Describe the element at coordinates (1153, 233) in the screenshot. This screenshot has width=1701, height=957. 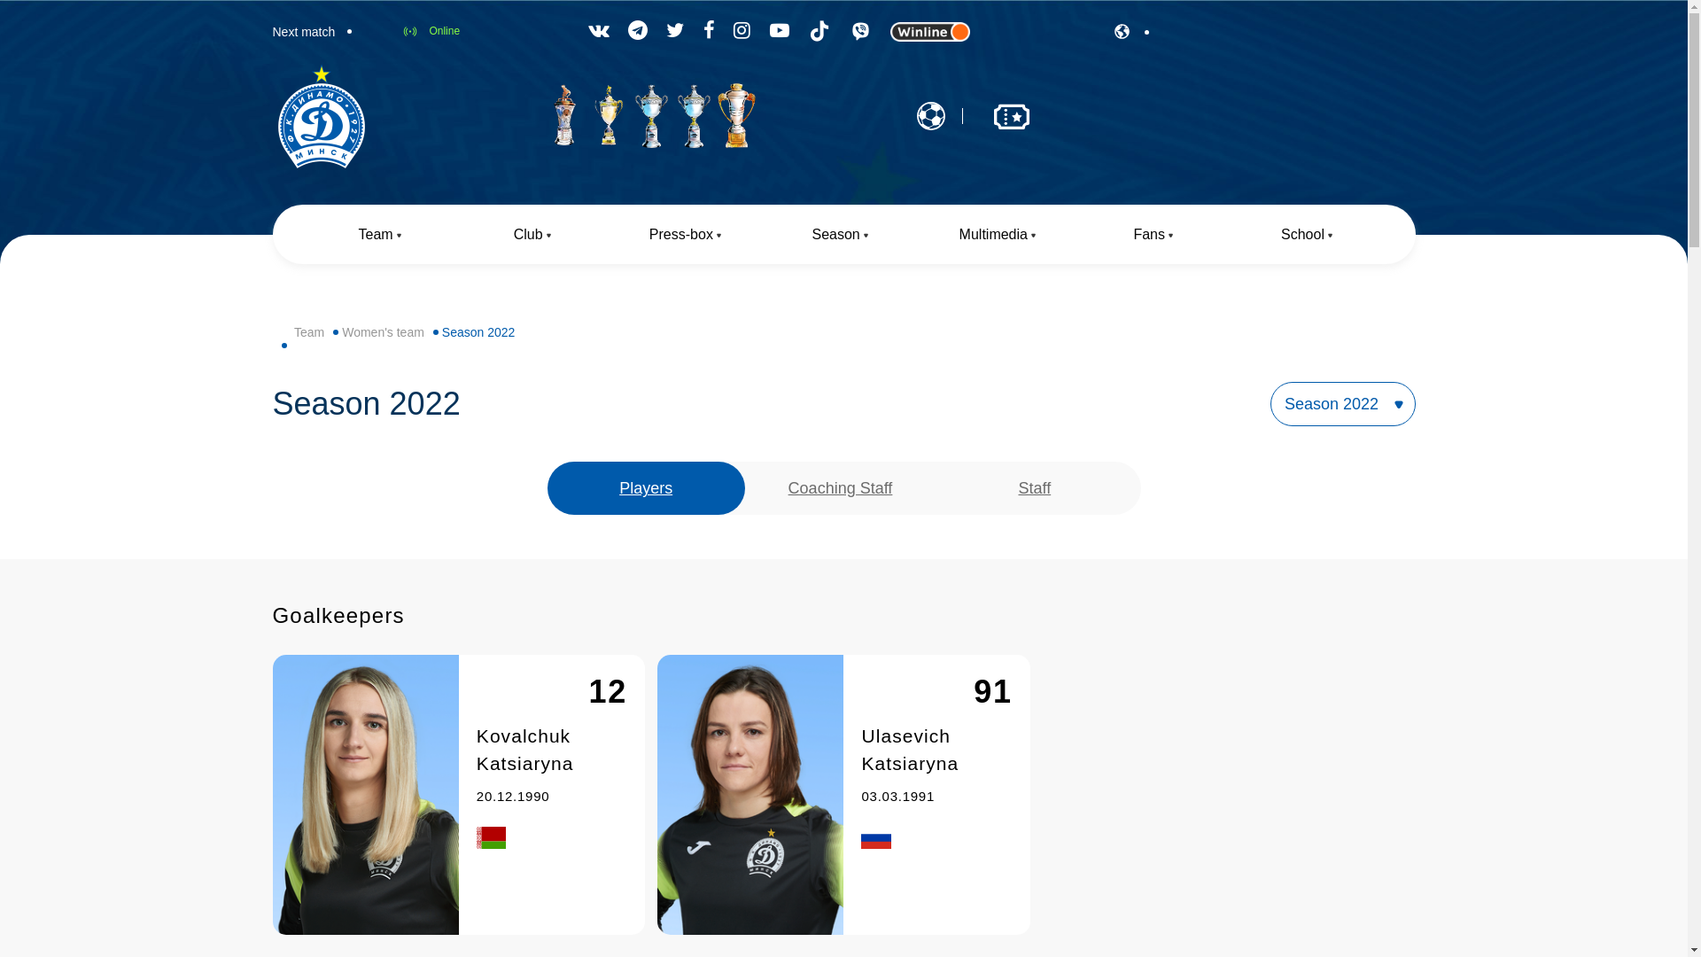
I see `'Fans'` at that location.